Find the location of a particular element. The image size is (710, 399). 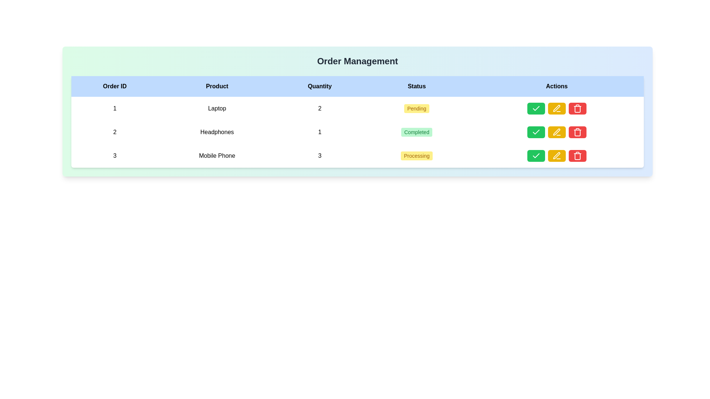

the 'Confirm' icon button located in the 'Actions' column of the last table row associated with the 'Mobile Phone' order to confirm the action is located at coordinates (536, 155).